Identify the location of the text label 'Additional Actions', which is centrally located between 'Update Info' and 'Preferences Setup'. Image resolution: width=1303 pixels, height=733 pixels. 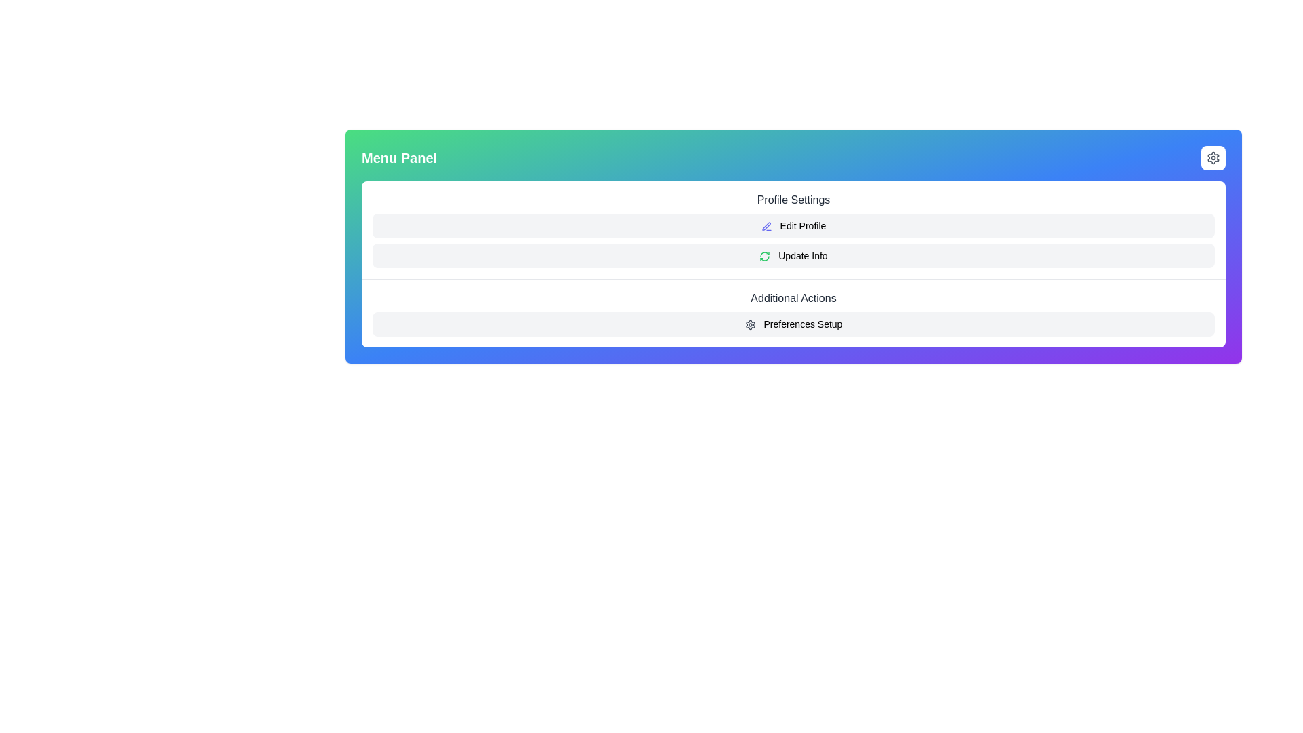
(793, 297).